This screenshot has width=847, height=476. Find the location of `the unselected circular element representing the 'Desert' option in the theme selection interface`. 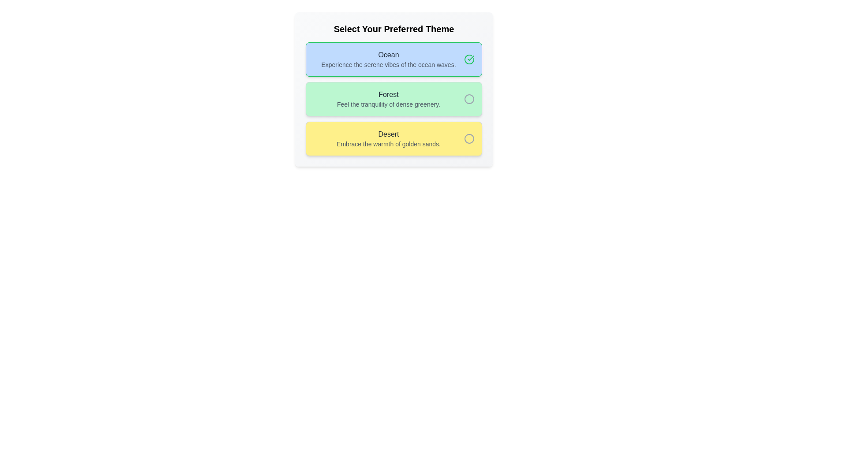

the unselected circular element representing the 'Desert' option in the theme selection interface is located at coordinates (469, 139).